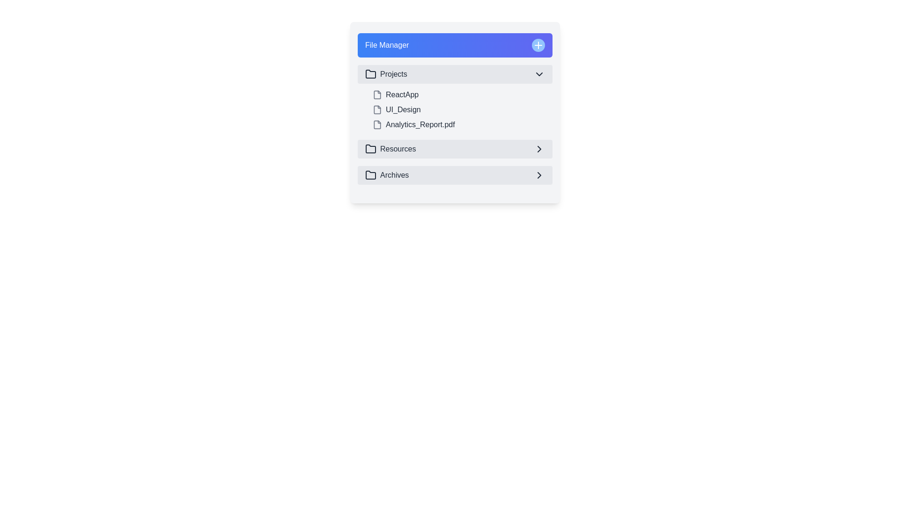  What do you see at coordinates (455, 175) in the screenshot?
I see `the last folder item in the file manager, located below 'Resources'` at bounding box center [455, 175].